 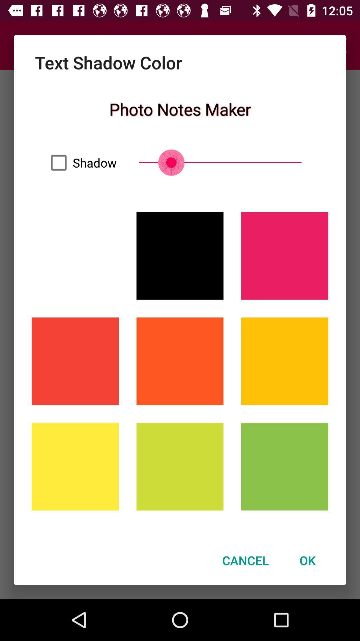 I want to click on the ok, so click(x=307, y=560).